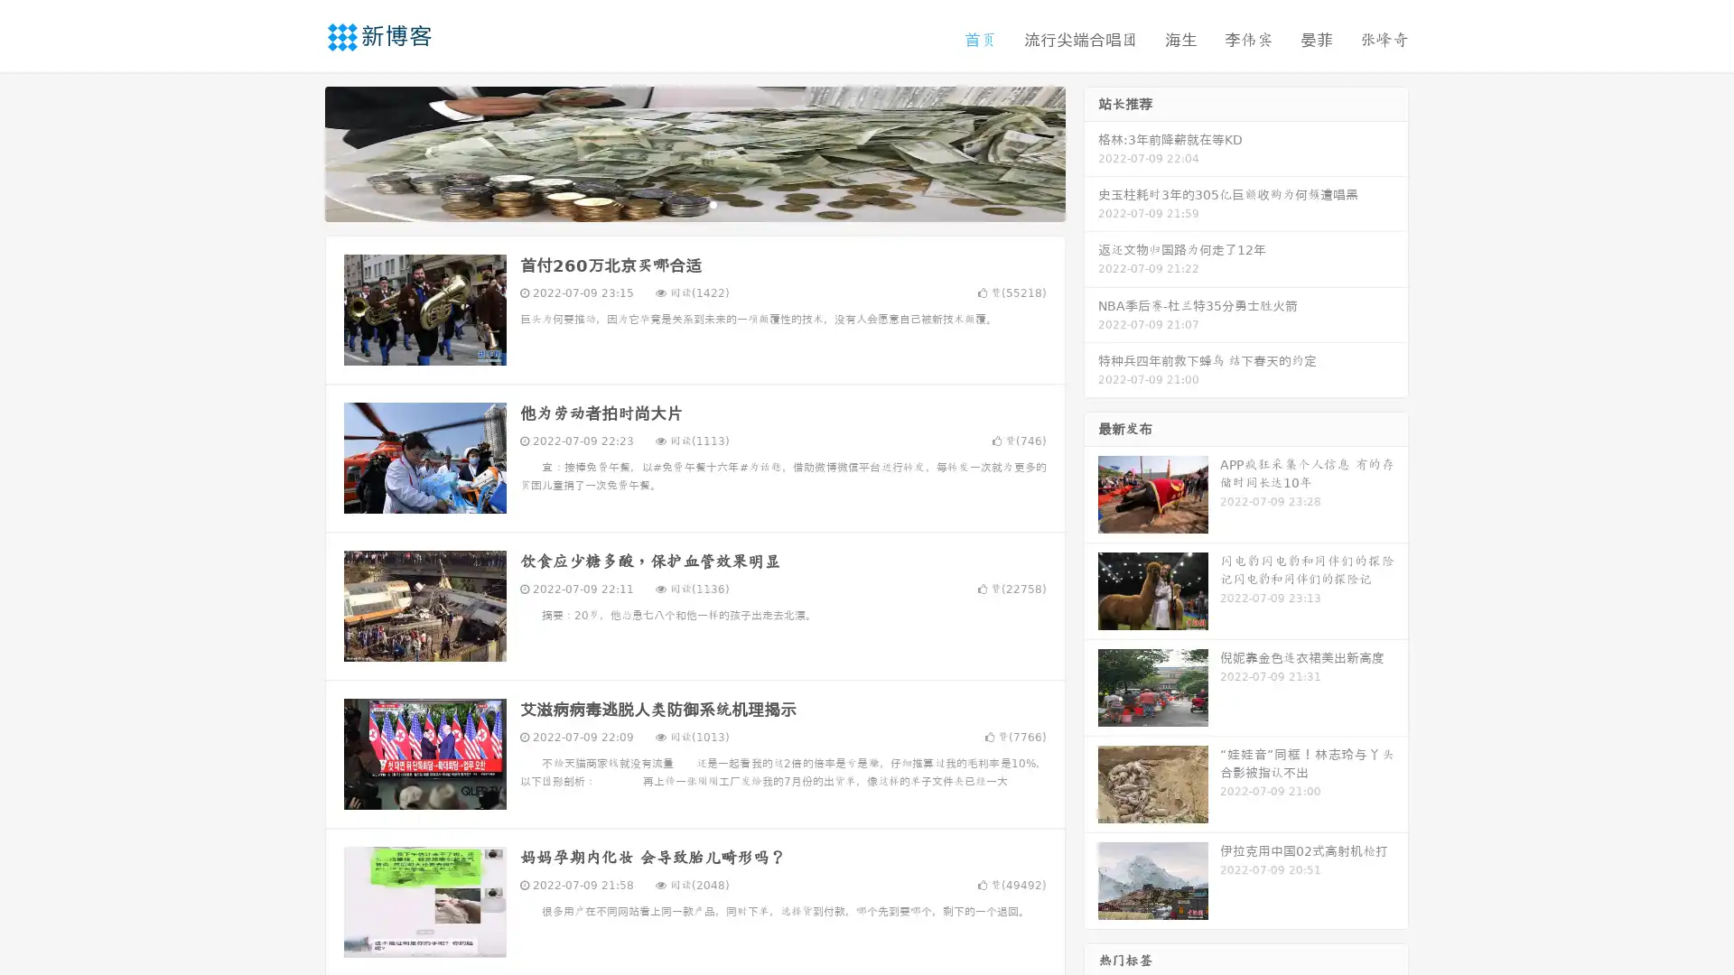 The width and height of the screenshot is (1734, 975). I want to click on Next slide, so click(1091, 152).